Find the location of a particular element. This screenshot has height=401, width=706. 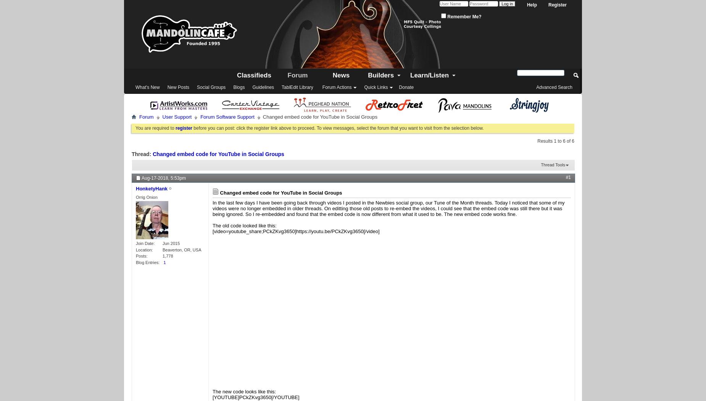

'TablEdit Library' is located at coordinates (297, 87).